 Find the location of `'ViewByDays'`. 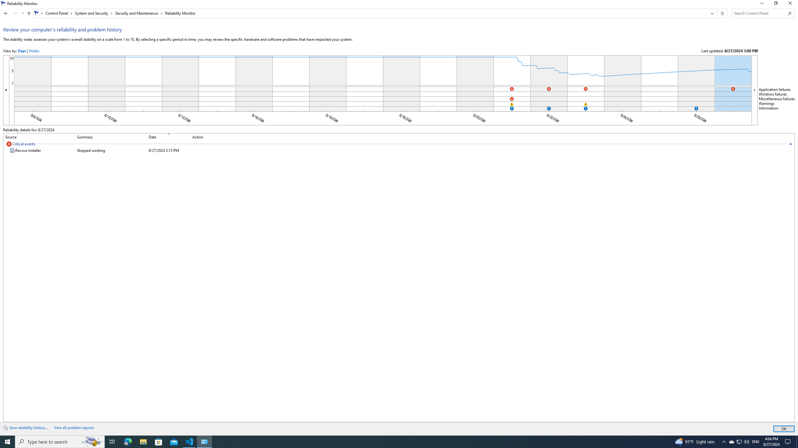

'ViewByDays' is located at coordinates (22, 50).